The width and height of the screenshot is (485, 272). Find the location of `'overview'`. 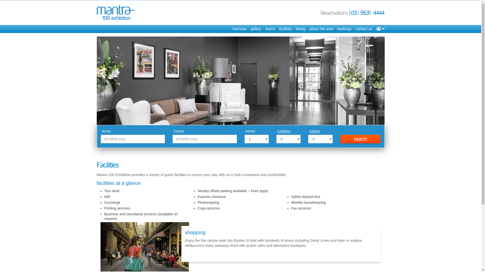

'overview' is located at coordinates (232, 29).